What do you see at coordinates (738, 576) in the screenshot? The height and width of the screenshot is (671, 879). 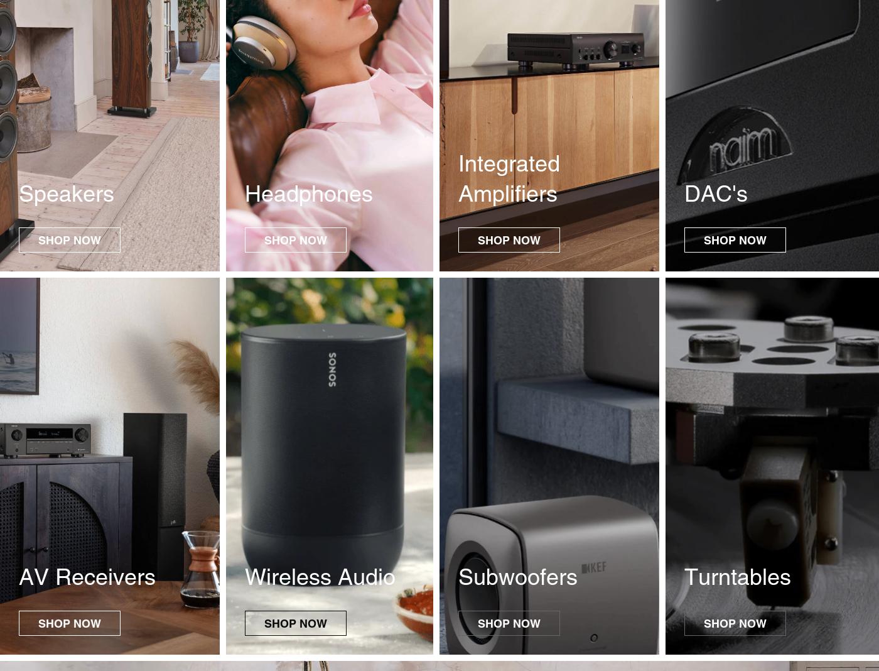 I see `'Turntables'` at bounding box center [738, 576].